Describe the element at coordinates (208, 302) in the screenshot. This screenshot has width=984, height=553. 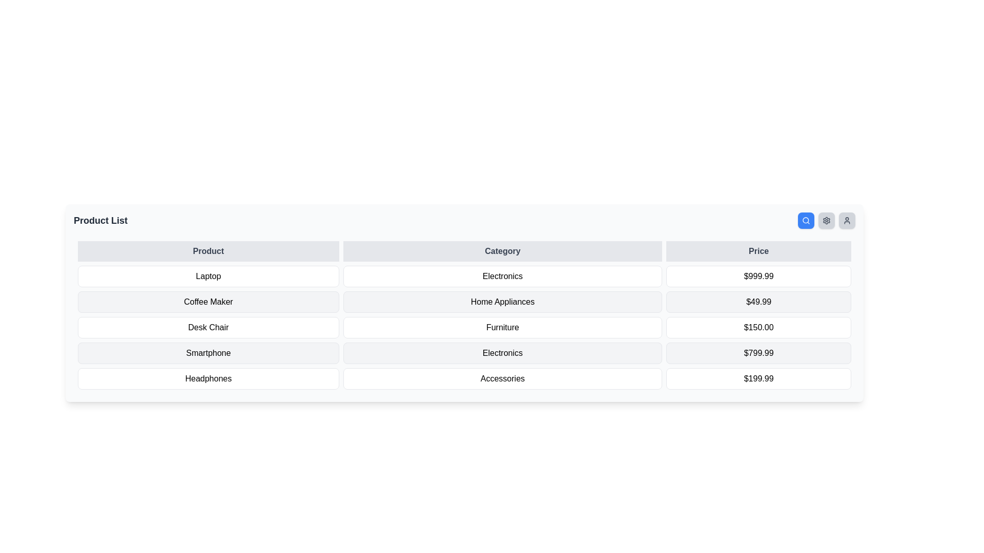
I see `the 'Coffee Maker' label, which is displayed in bold within a light grey rounded rectangle background, located in the second row of the 'Product' column in the table` at that location.